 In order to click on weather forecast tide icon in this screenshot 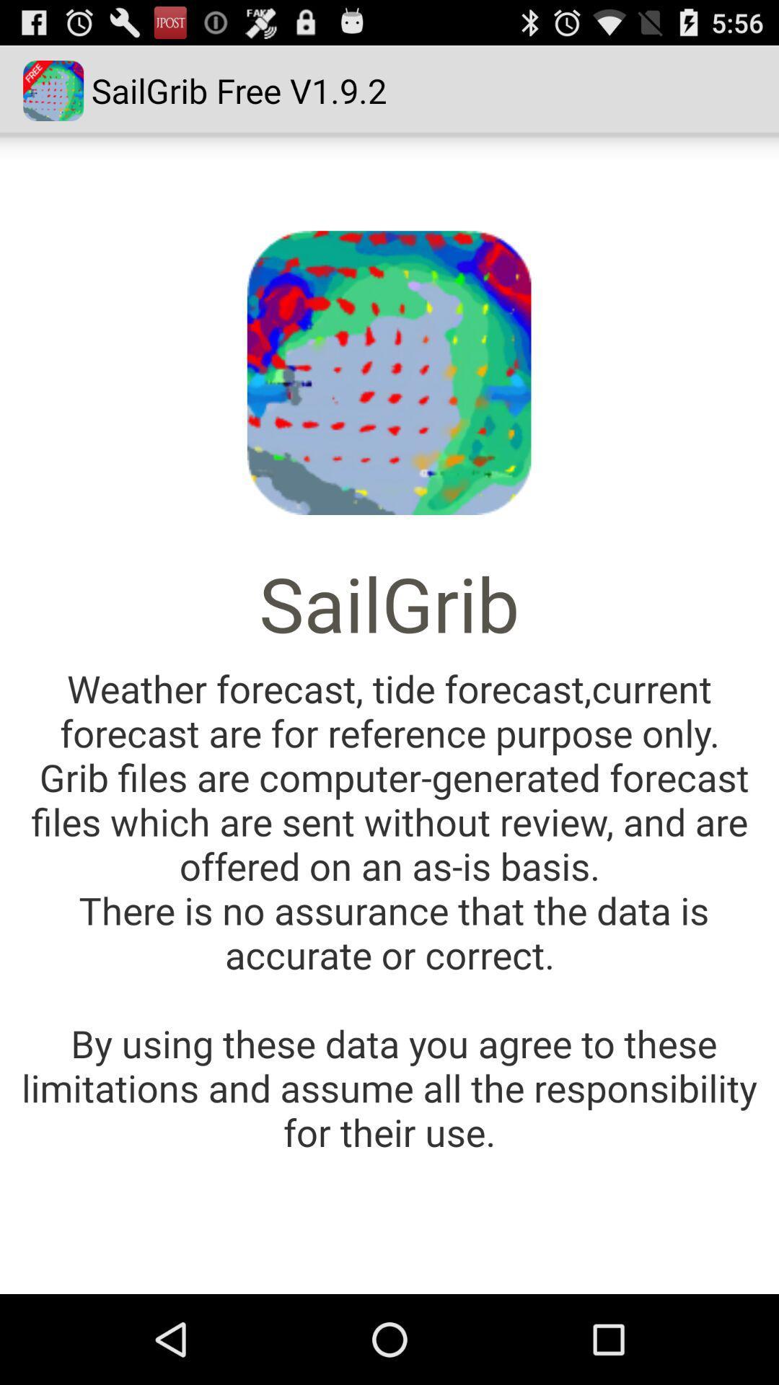, I will do `click(389, 909)`.